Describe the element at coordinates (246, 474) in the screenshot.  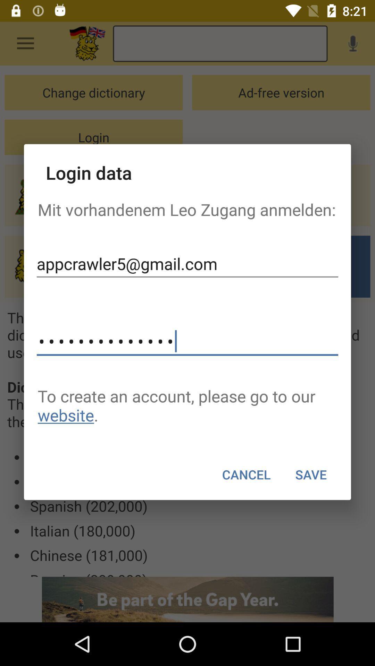
I see `cancel item` at that location.